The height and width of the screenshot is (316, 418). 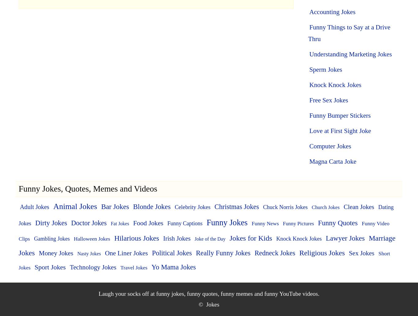 What do you see at coordinates (361, 253) in the screenshot?
I see `'Sex Jokes'` at bounding box center [361, 253].